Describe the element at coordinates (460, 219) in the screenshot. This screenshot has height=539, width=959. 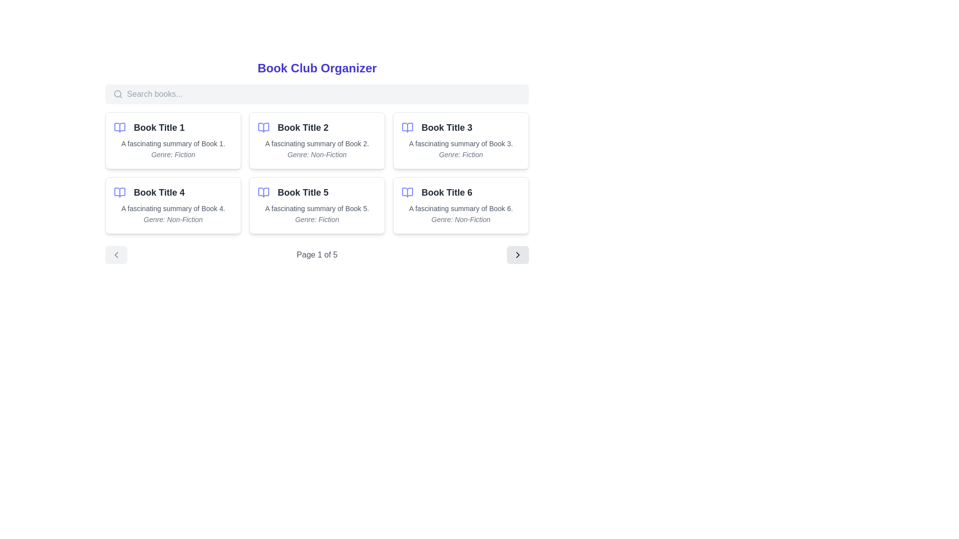
I see `the Text Label displaying 'Genre: Non-Fiction', which is styled in a small italicized font and located at the bottom of the card labeled 'Book Title 6'` at that location.